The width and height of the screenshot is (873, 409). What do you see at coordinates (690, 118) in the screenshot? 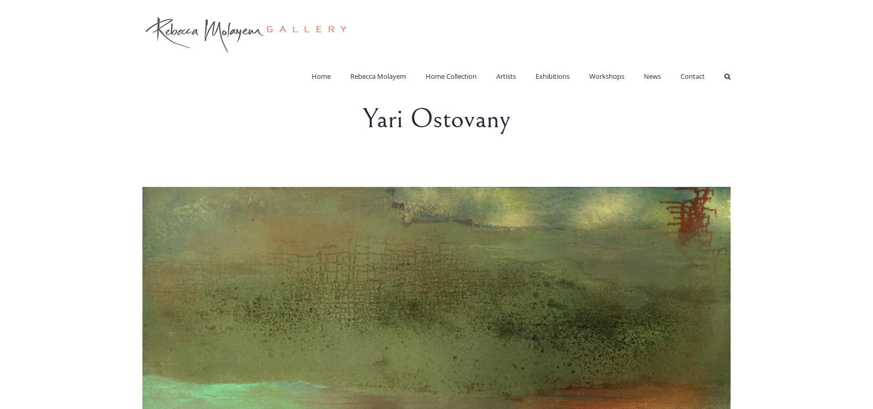
I see `'Submission Guidelines'` at bounding box center [690, 118].